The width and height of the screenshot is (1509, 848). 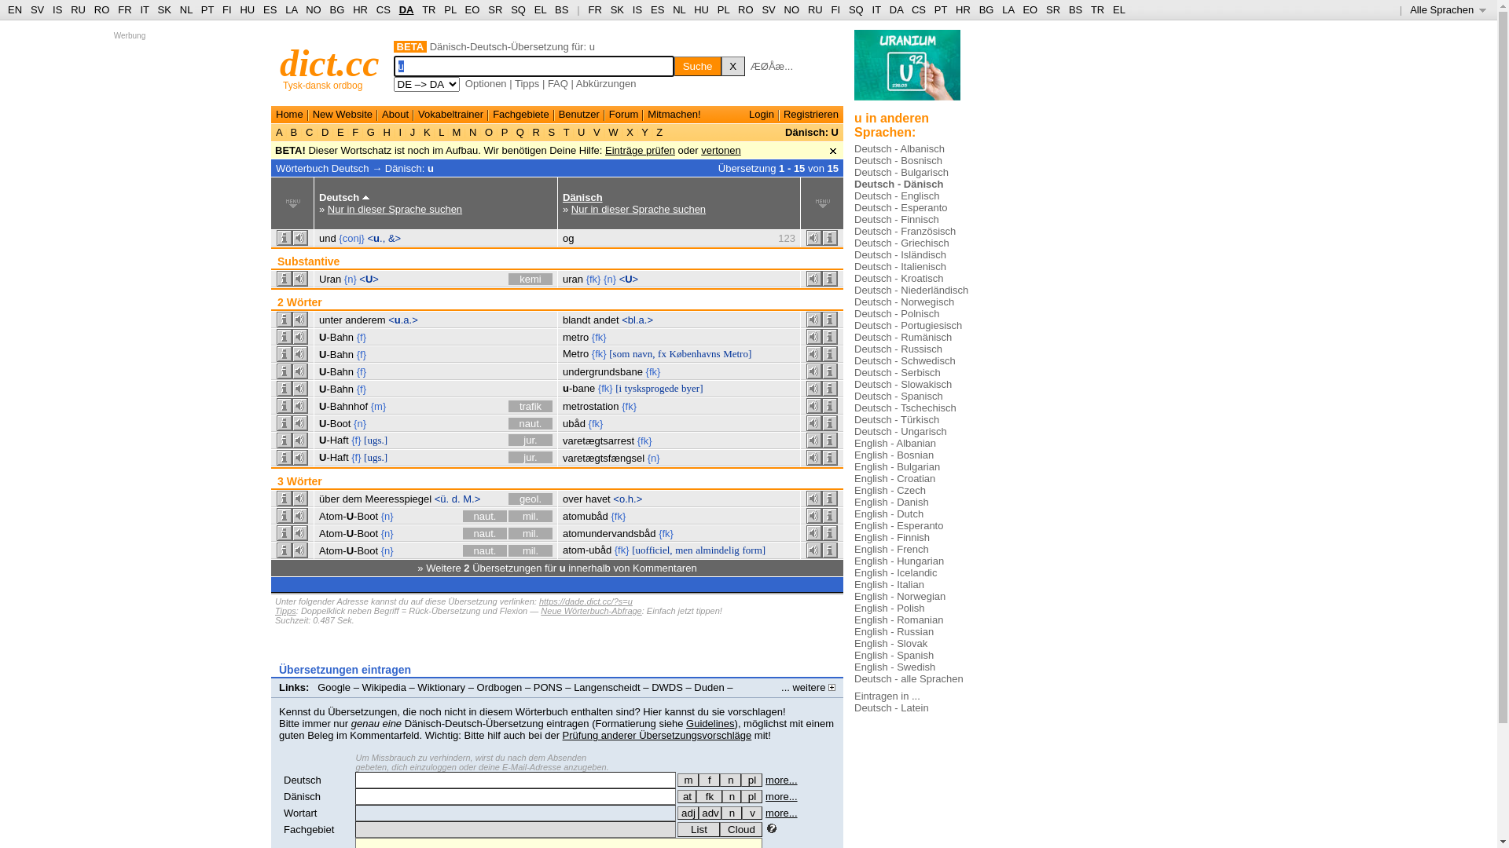 I want to click on 'byer]', so click(x=692, y=388).